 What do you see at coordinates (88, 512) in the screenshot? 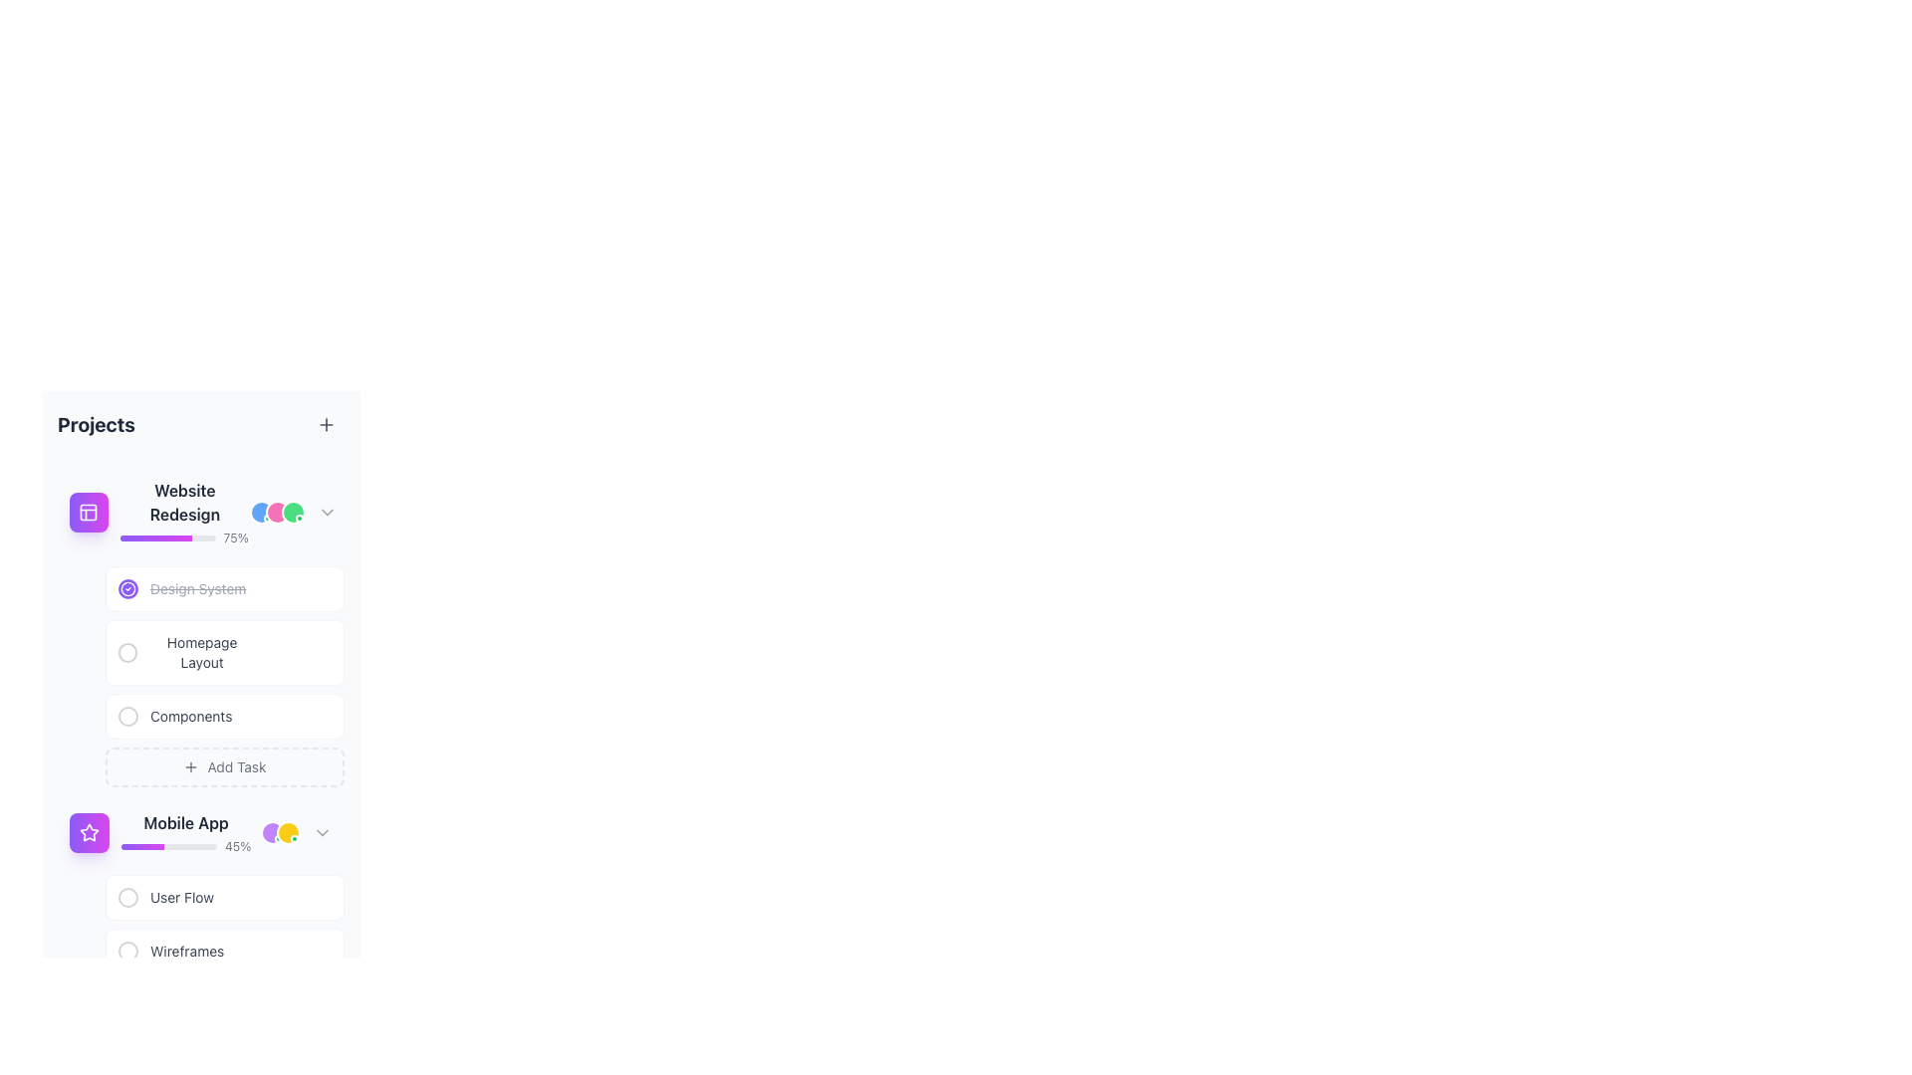
I see `the visual design of the decorative SVG graphic icon resembling overlapping rectangular panels, which is located in the upper-left section of the 'Website Redesign' card` at bounding box center [88, 512].